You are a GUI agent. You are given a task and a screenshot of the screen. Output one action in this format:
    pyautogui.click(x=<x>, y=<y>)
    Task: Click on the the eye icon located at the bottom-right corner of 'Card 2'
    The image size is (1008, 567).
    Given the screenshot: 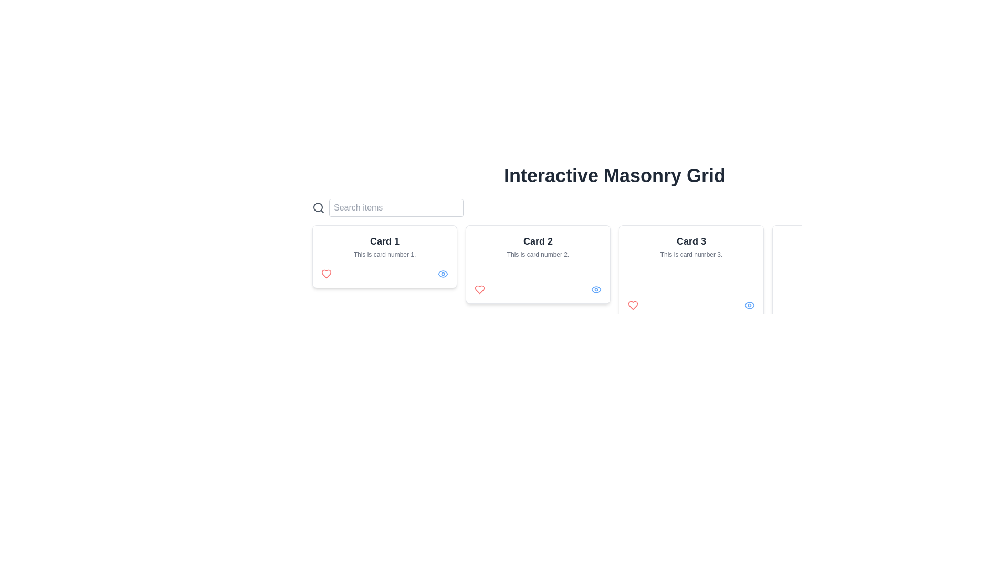 What is the action you would take?
    pyautogui.click(x=596, y=289)
    